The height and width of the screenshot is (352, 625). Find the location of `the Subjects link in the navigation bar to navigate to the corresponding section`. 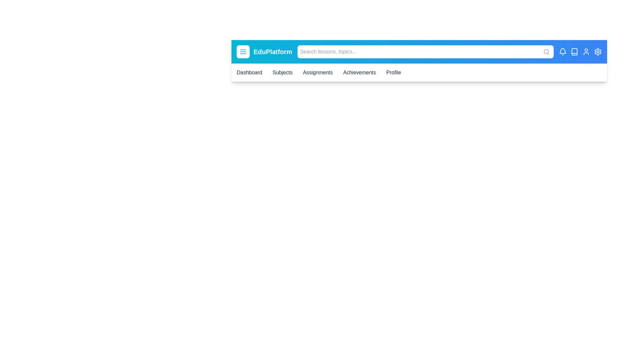

the Subjects link in the navigation bar to navigate to the corresponding section is located at coordinates (283, 73).